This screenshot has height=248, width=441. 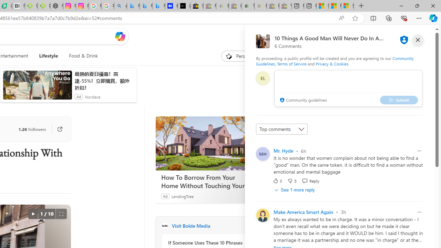 I want to click on 'Personalize', so click(x=243, y=56).